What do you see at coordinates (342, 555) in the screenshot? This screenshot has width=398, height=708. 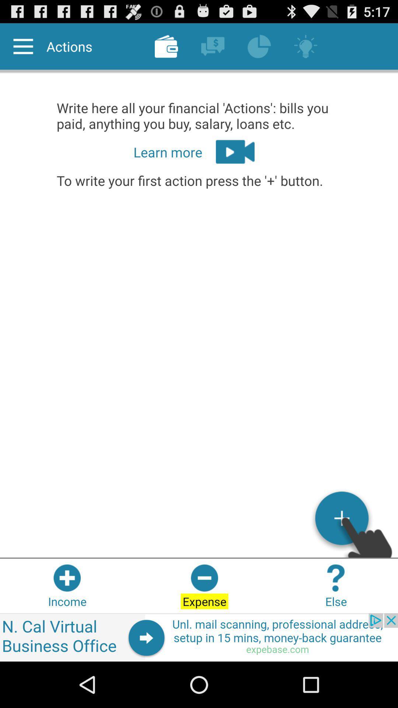 I see `the add icon` at bounding box center [342, 555].